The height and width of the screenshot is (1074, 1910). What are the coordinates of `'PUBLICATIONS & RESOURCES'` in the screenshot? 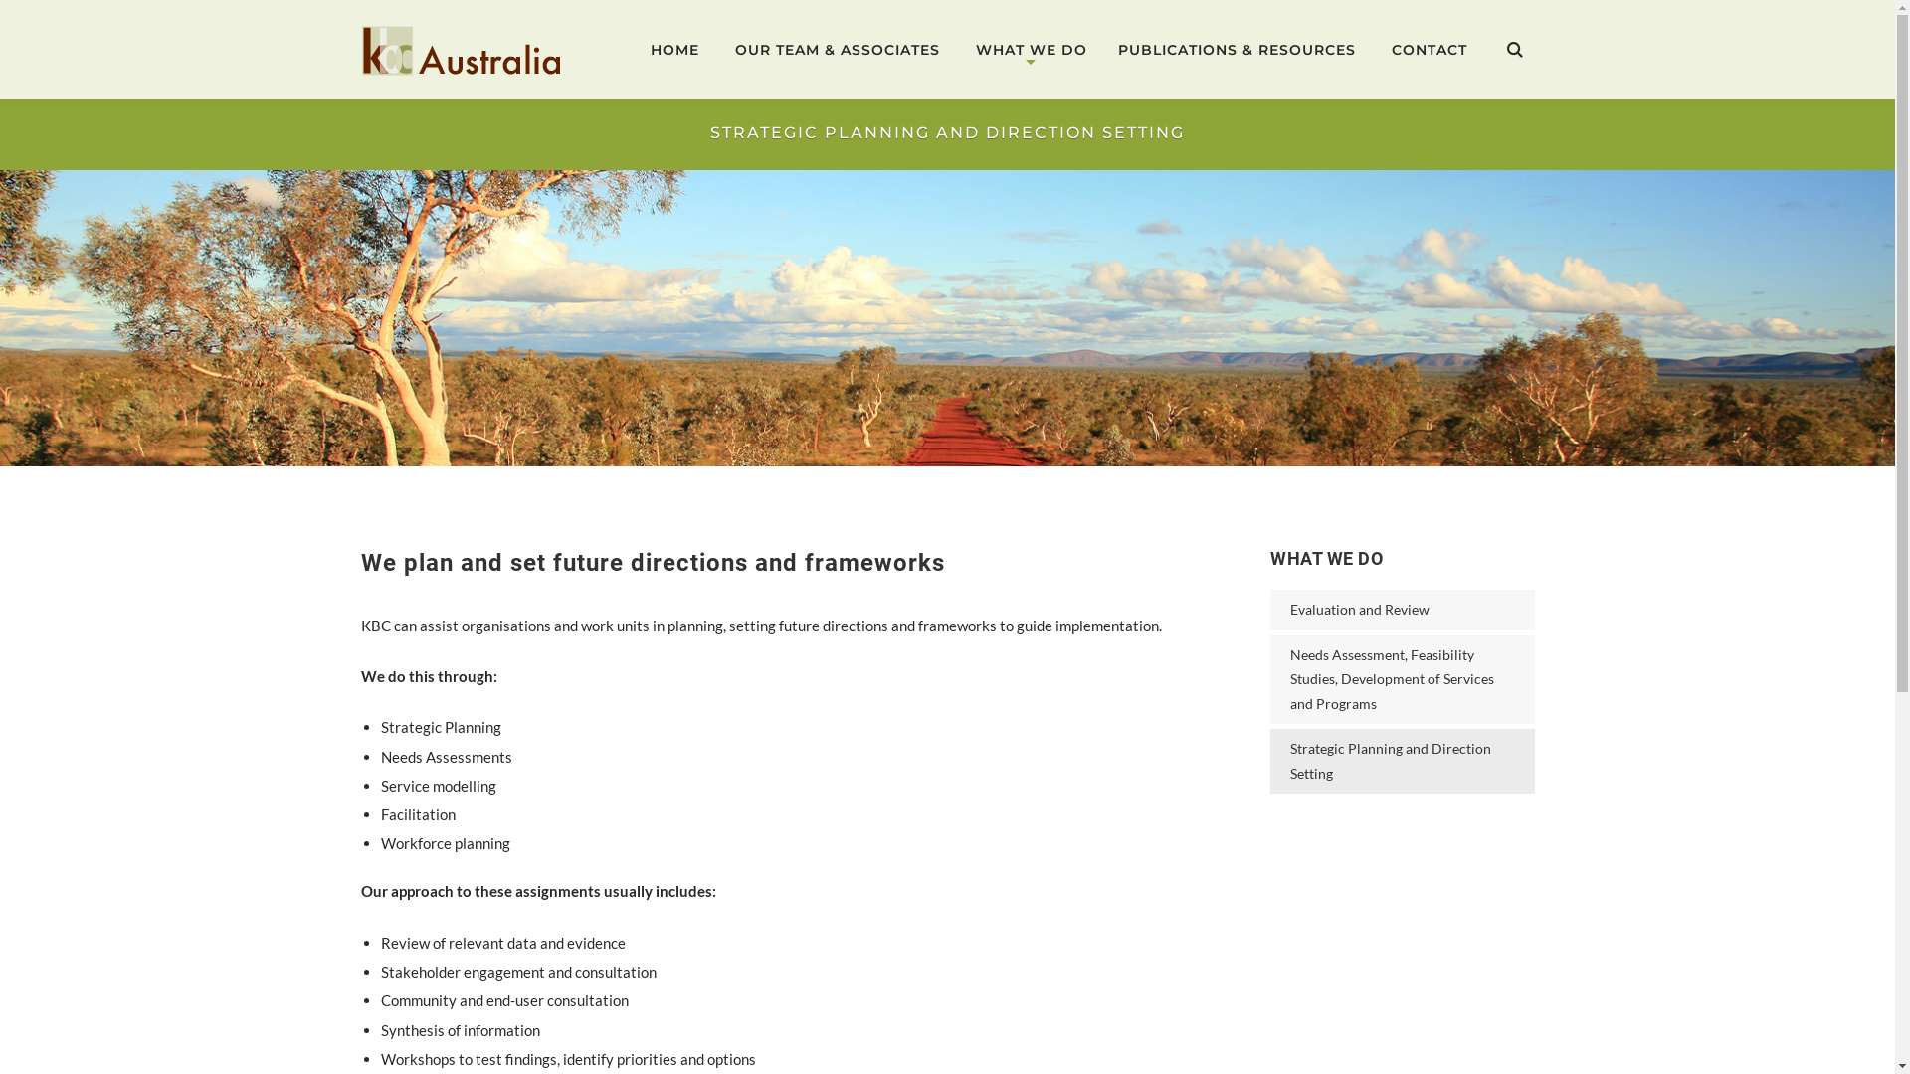 It's located at (1235, 49).